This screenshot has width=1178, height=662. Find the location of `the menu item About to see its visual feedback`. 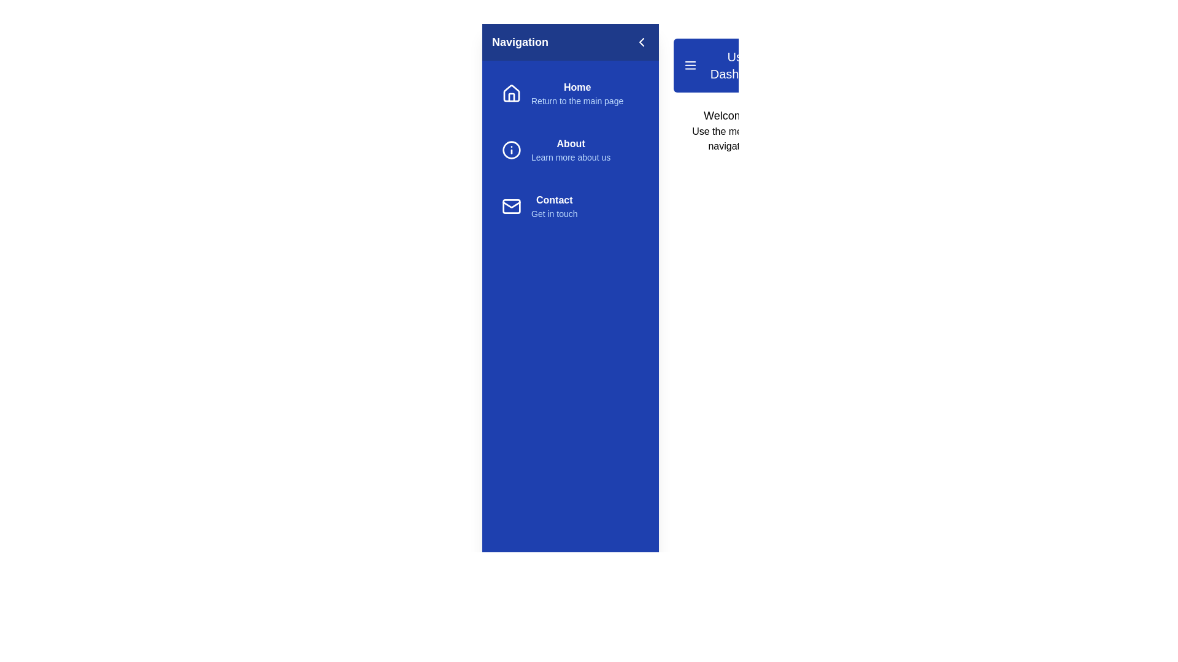

the menu item About to see its visual feedback is located at coordinates (570, 150).